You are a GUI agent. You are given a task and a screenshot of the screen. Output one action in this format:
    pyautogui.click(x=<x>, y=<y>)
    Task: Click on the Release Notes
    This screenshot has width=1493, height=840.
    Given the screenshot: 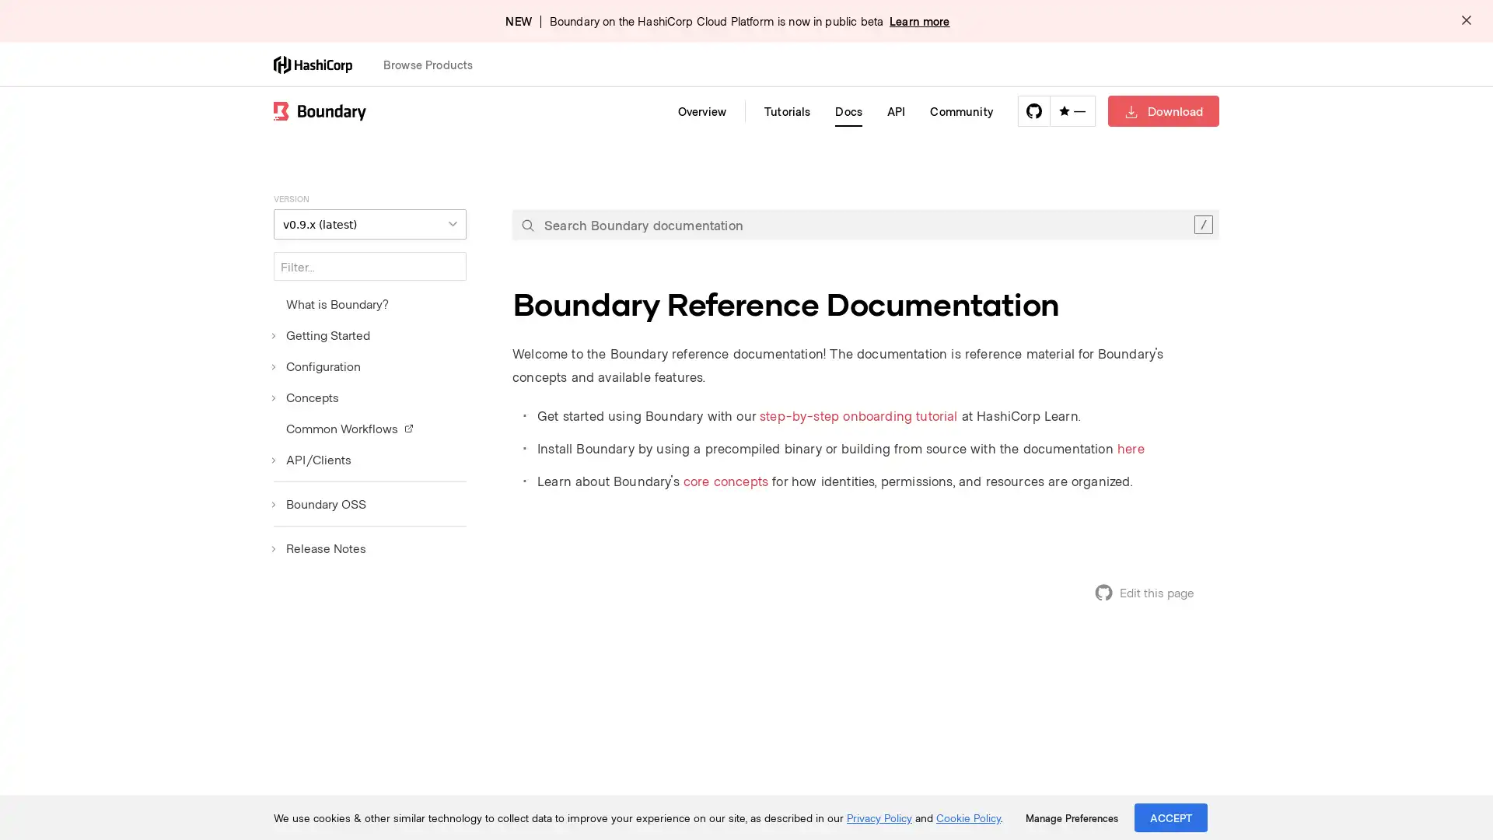 What is the action you would take?
    pyautogui.click(x=319, y=548)
    